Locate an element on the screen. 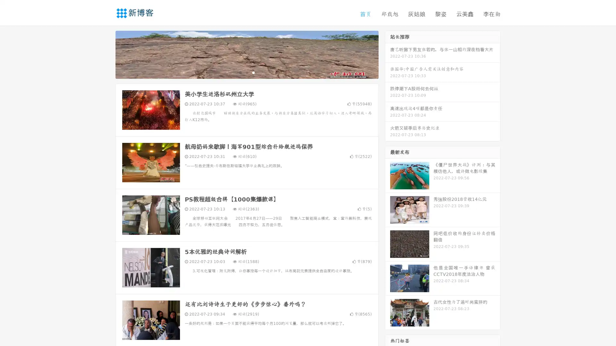 The image size is (616, 346). Go to slide 1 is located at coordinates (240, 72).